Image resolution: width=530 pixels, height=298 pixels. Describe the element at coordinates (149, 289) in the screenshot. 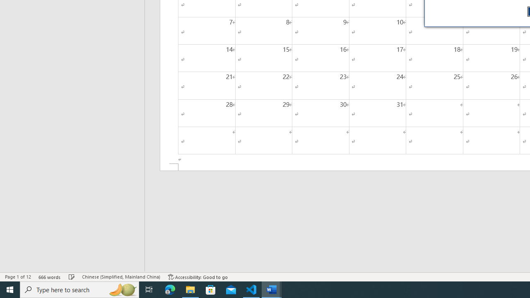

I see `'Task View'` at that location.